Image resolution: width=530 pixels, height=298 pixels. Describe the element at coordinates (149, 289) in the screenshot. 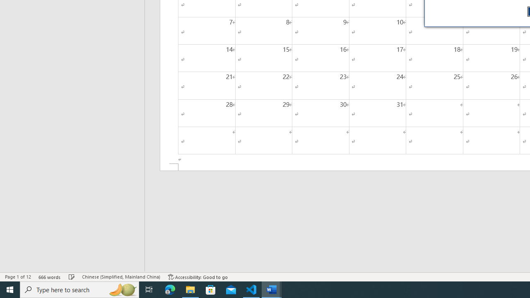

I see `'Task View'` at that location.